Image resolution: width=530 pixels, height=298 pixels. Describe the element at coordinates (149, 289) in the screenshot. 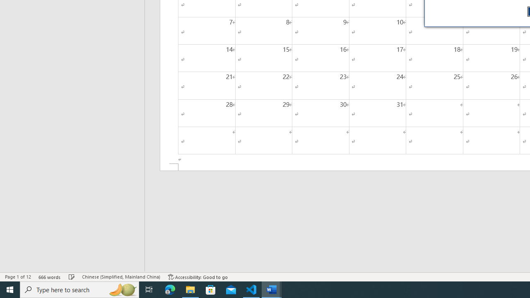

I see `'Task View'` at that location.